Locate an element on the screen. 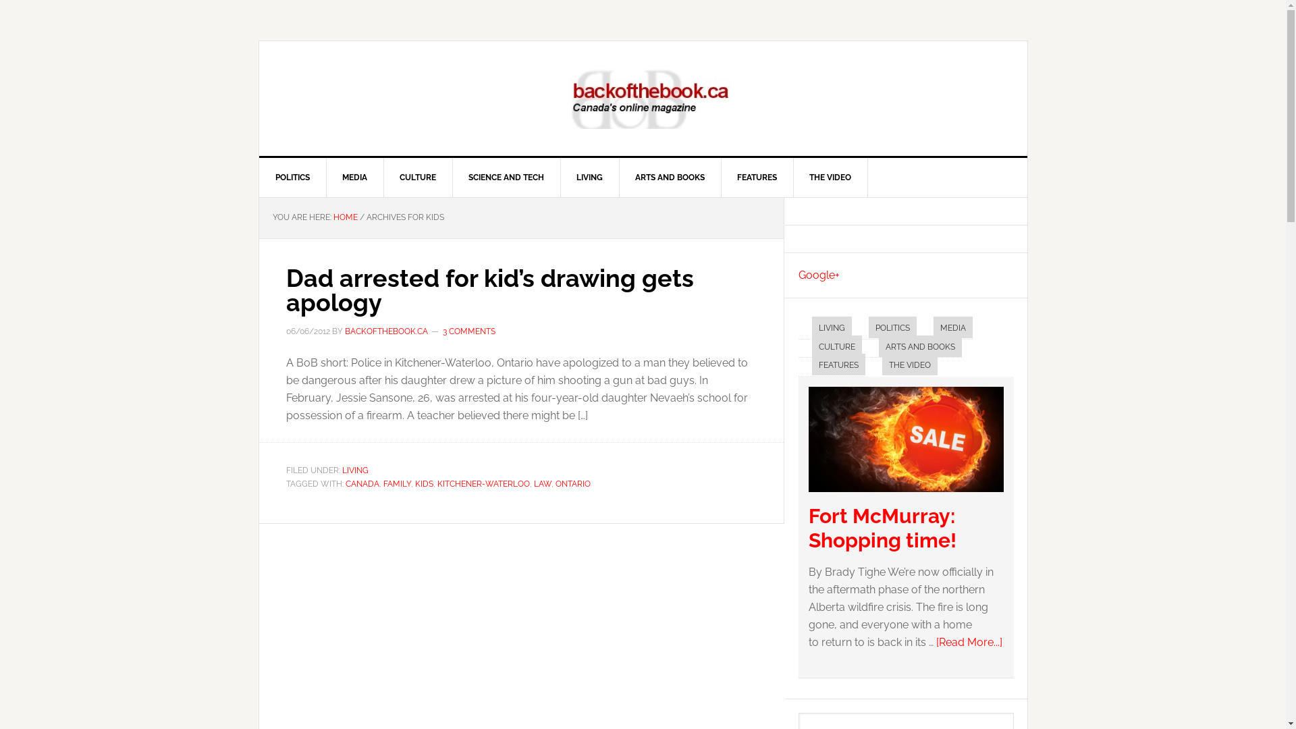 This screenshot has height=729, width=1296. 'BACKOFTHEBOOK.CA' is located at coordinates (385, 331).